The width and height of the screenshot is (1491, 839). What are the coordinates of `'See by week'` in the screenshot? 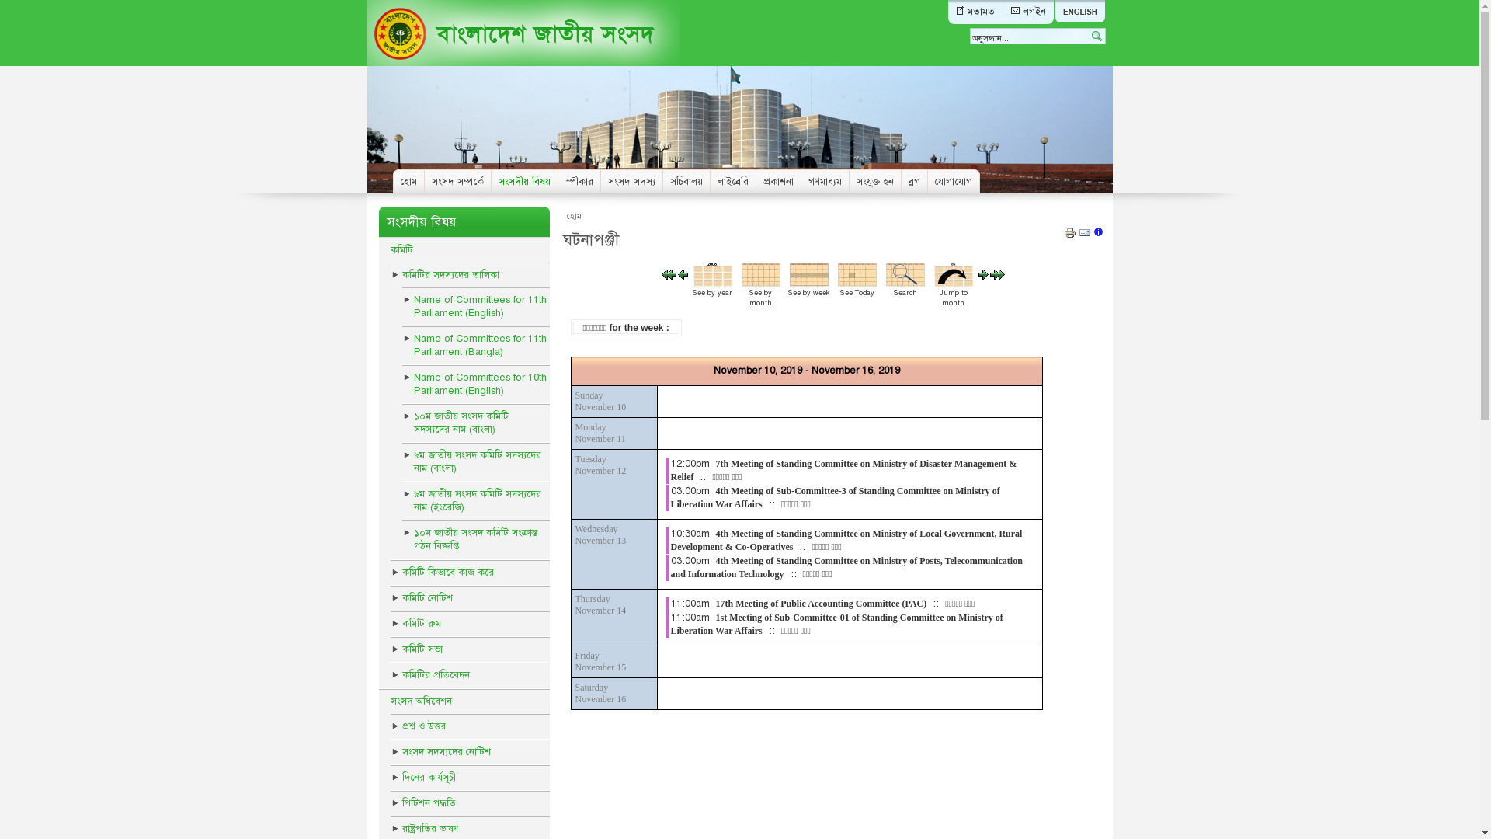 It's located at (790, 284).